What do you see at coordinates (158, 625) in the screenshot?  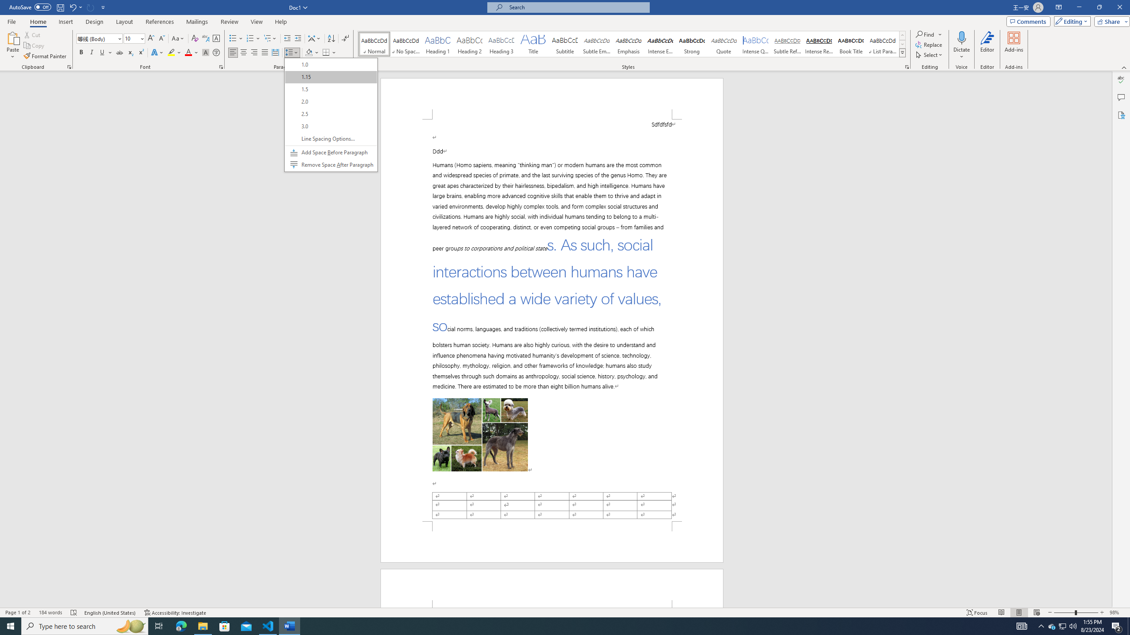 I see `'Task View'` at bounding box center [158, 625].